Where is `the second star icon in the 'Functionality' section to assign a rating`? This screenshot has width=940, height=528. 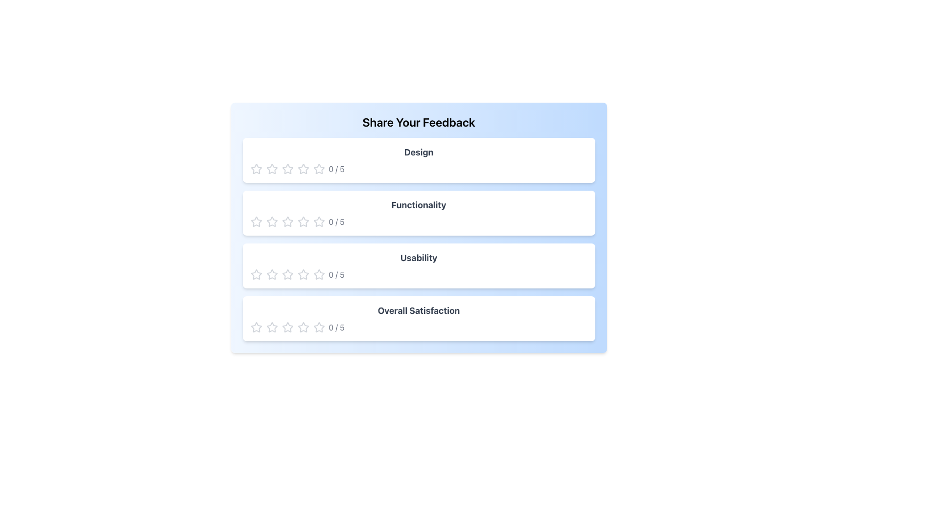
the second star icon in the 'Functionality' section to assign a rating is located at coordinates (303, 221).